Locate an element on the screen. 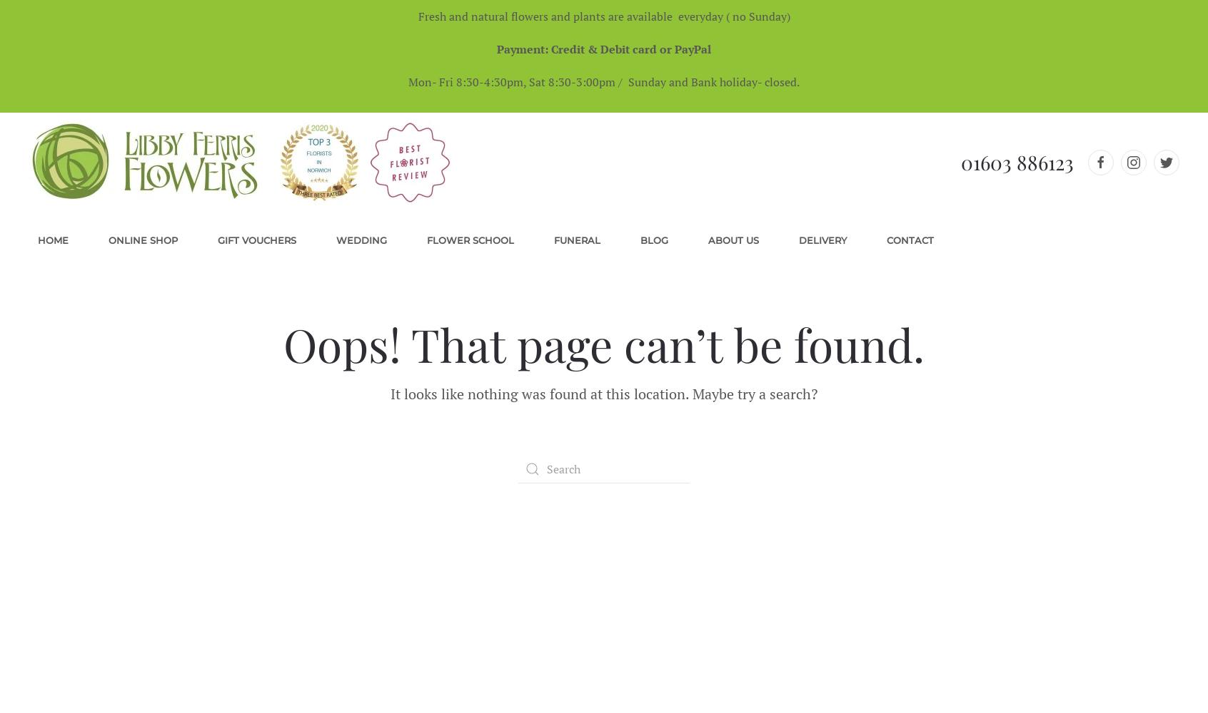  '01603 886123' is located at coordinates (1017, 161).